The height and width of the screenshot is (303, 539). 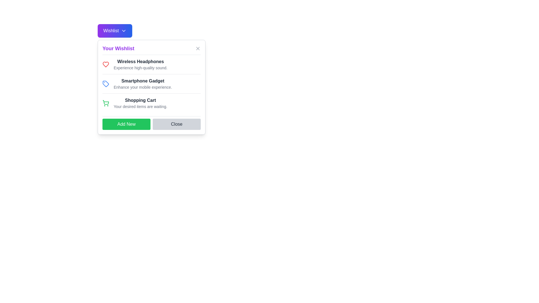 I want to click on the bold, dark gray text labeled 'Wireless Headphones' which is prominently displayed at the top-left corner of its white card interface, so click(x=140, y=61).